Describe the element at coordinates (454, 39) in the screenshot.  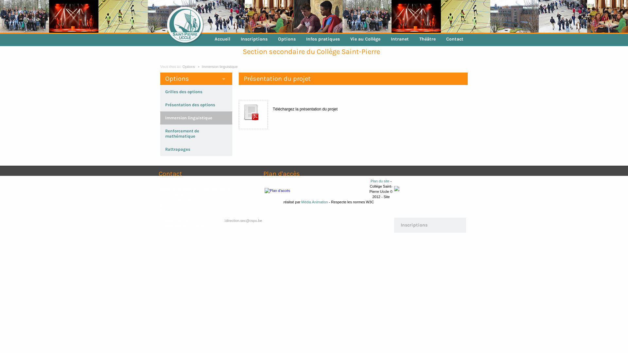
I see `'Contact'` at that location.